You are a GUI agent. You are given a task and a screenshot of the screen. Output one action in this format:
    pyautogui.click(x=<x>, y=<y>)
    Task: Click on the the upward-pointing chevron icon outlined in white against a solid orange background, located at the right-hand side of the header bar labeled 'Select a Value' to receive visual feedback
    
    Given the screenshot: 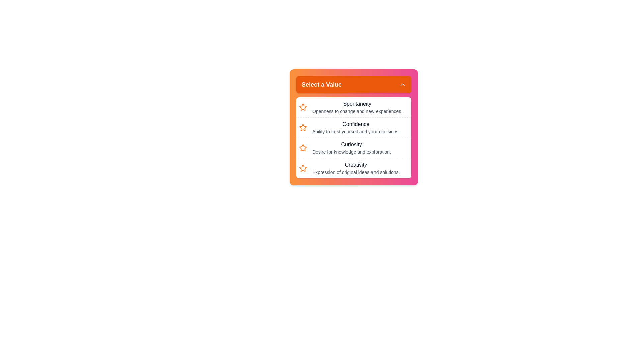 What is the action you would take?
    pyautogui.click(x=402, y=84)
    